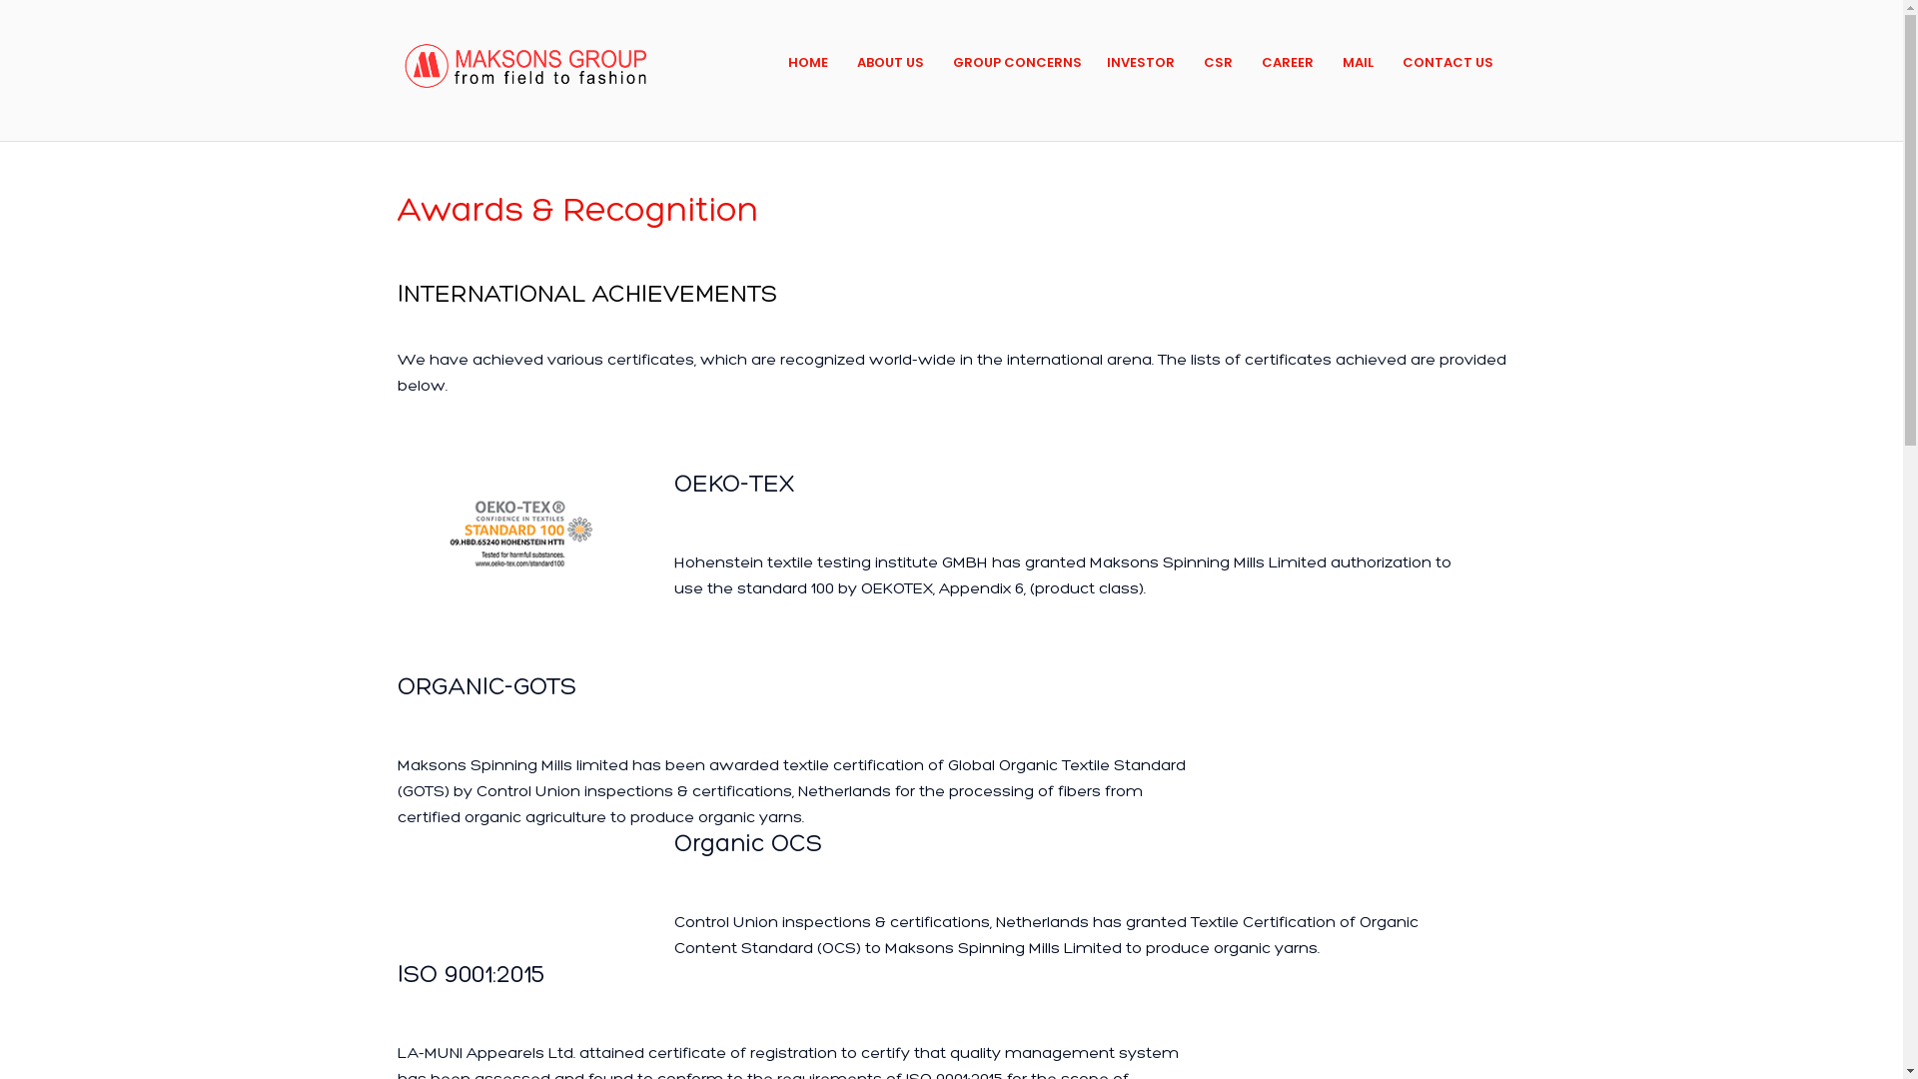  I want to click on 'ABOUT US', so click(889, 61).